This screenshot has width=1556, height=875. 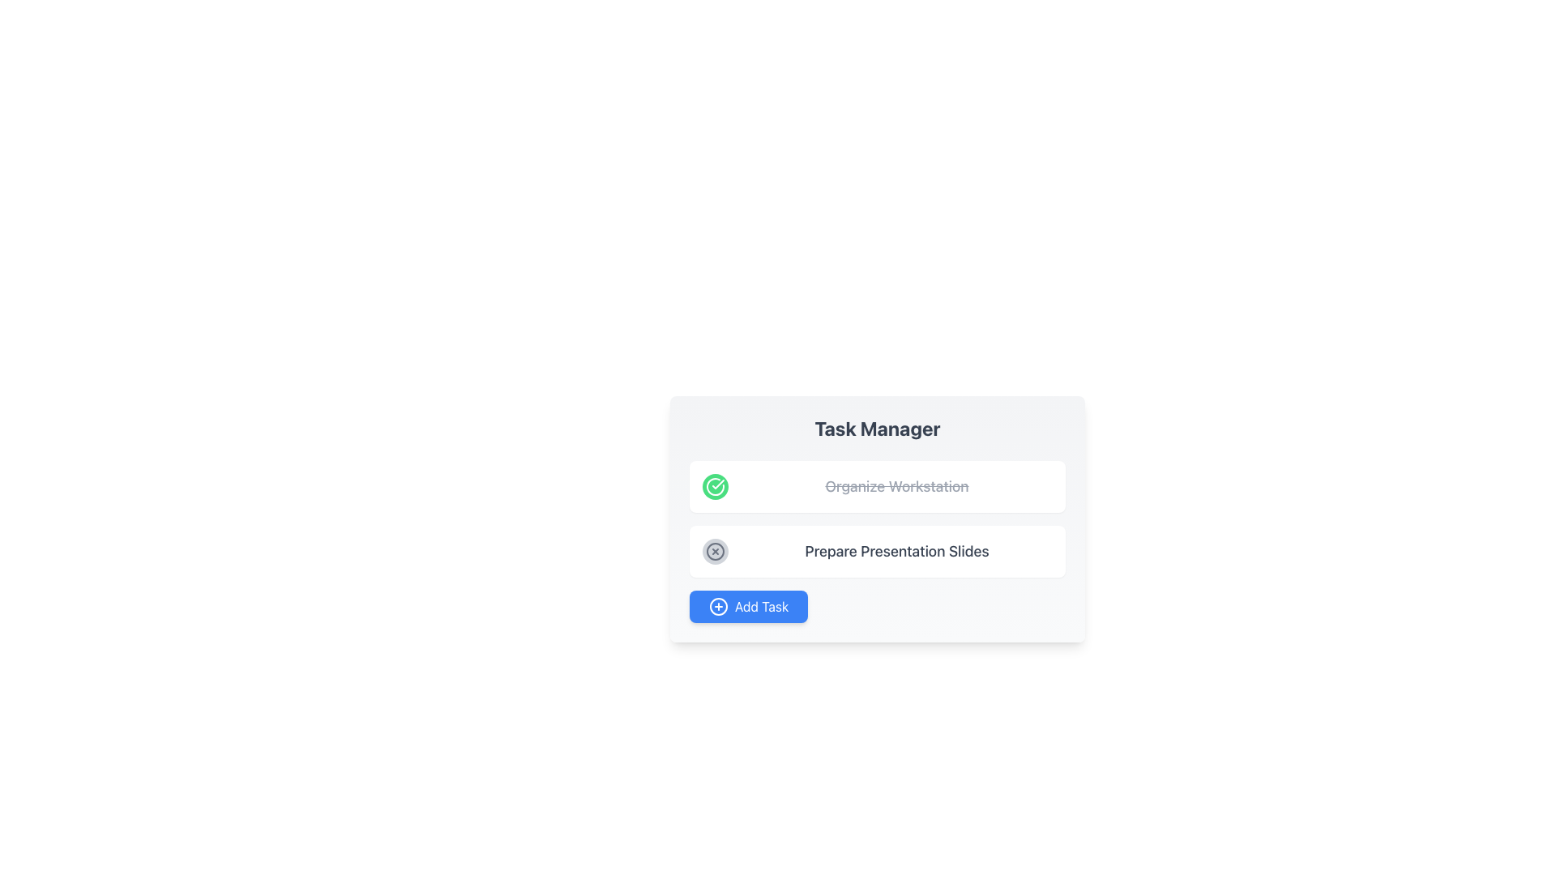 What do you see at coordinates (877, 551) in the screenshot?
I see `the 'Prepare Presentation Slides' task item` at bounding box center [877, 551].